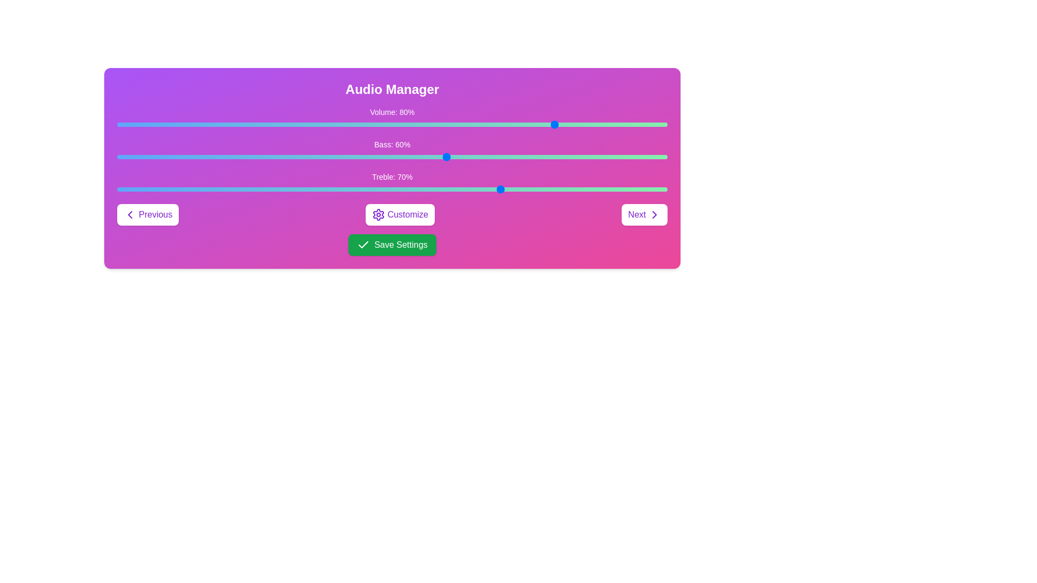 Image resolution: width=1037 pixels, height=583 pixels. What do you see at coordinates (379, 214) in the screenshot?
I see `the settings icon located in the center of the 'Customize' button` at bounding box center [379, 214].